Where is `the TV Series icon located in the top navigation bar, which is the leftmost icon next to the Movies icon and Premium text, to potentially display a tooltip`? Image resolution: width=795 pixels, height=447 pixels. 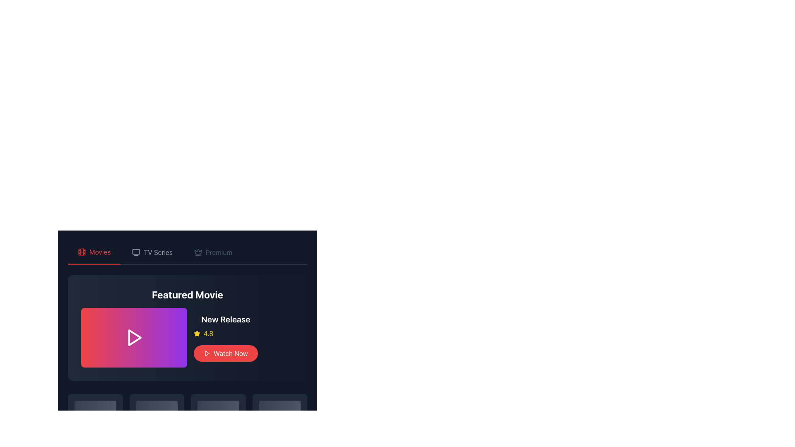 the TV Series icon located in the top navigation bar, which is the leftmost icon next to the Movies icon and Premium text, to potentially display a tooltip is located at coordinates (136, 252).